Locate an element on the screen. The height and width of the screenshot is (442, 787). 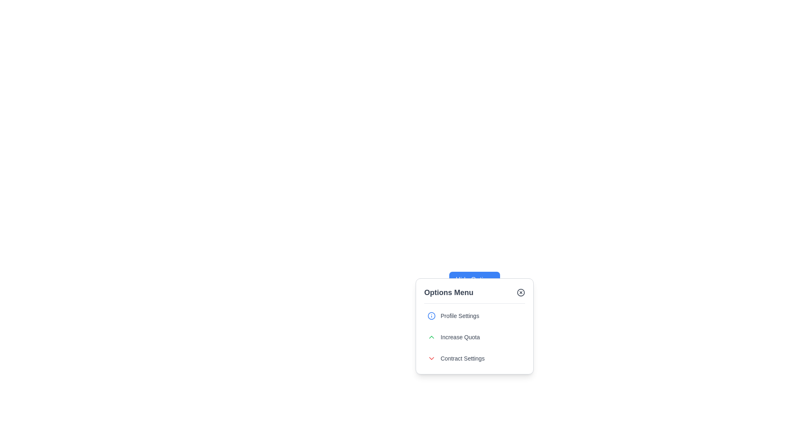
the Label Text indicating the action associated with increasing a quota, located in a dropdown menu between 'Profile Settings' and 'Contract Settings', next to an upward-facing green arrow icon is located at coordinates (460, 337).